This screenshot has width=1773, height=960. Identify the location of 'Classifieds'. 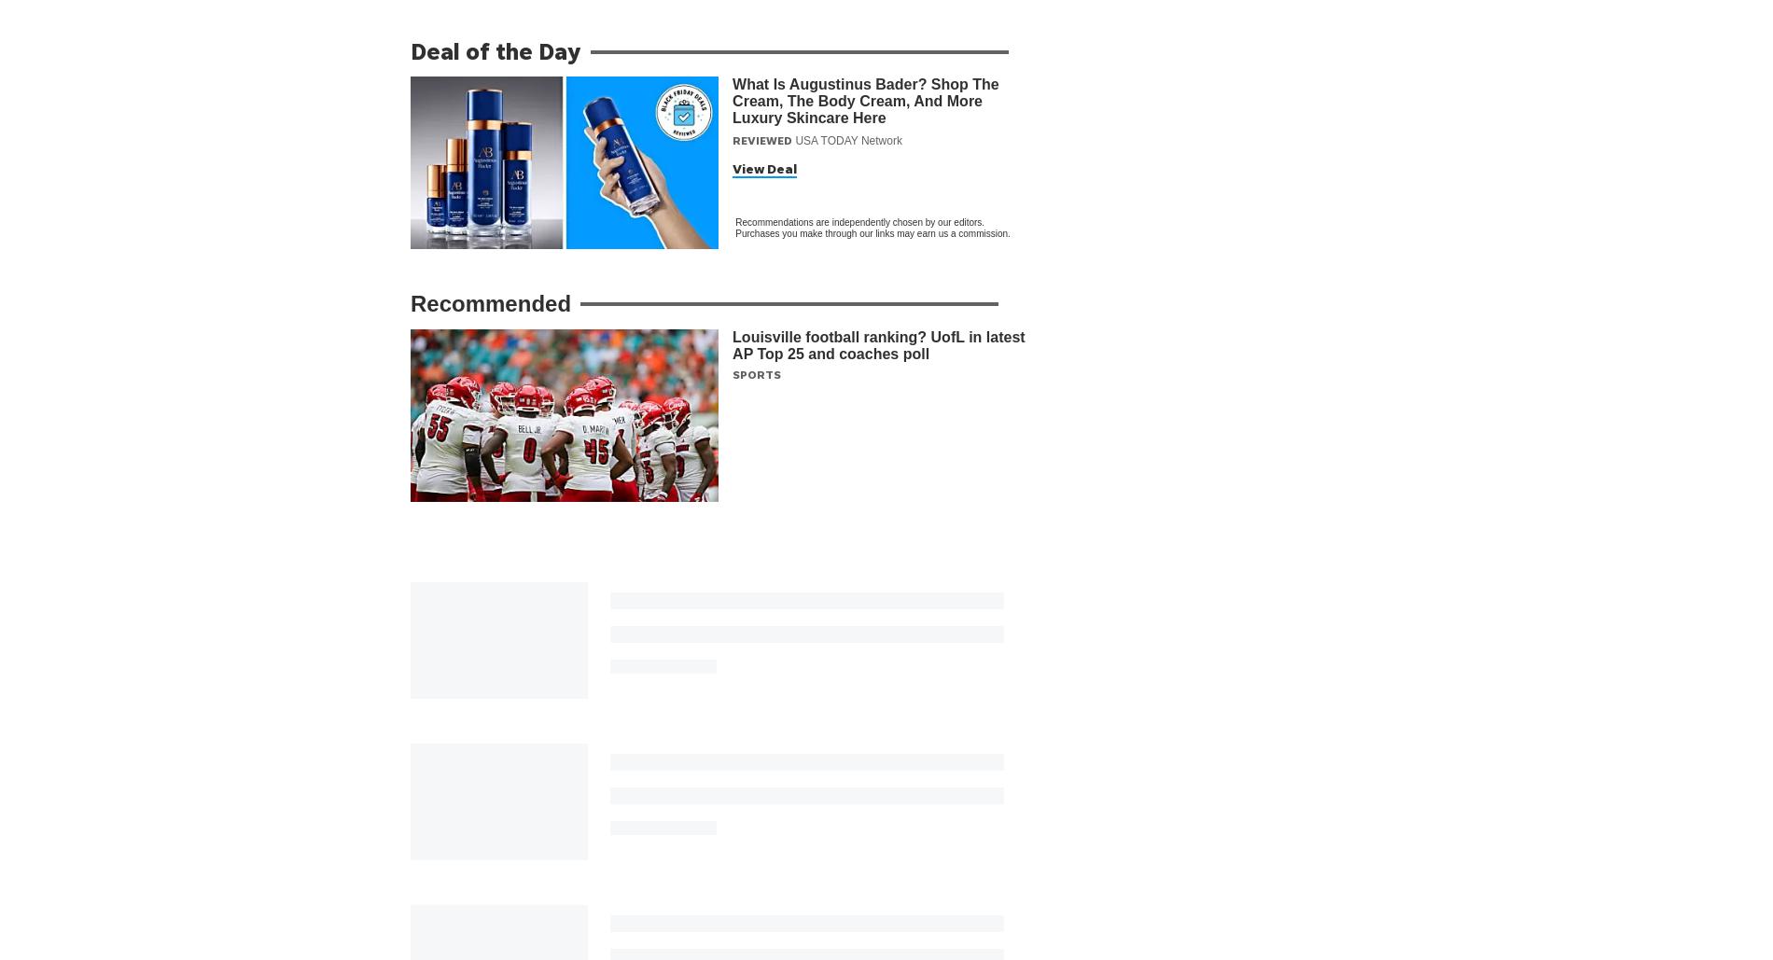
(1141, 949).